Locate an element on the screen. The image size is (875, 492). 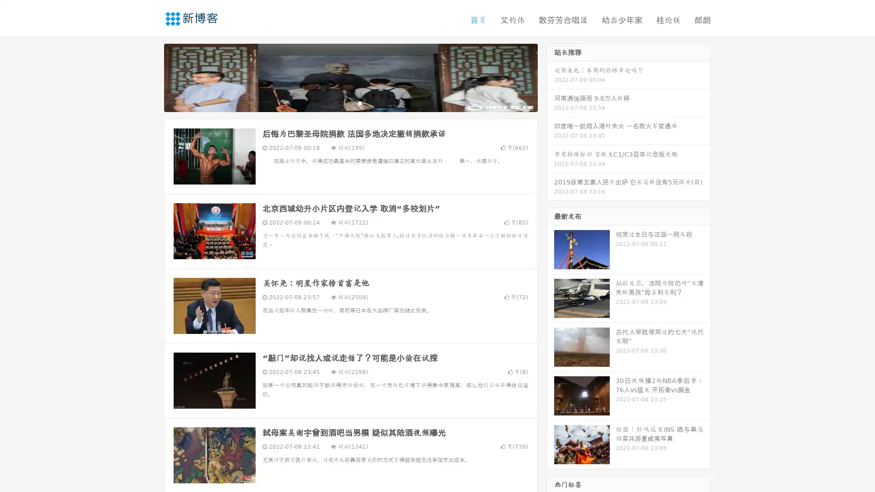
Previous slide is located at coordinates (150, 77).